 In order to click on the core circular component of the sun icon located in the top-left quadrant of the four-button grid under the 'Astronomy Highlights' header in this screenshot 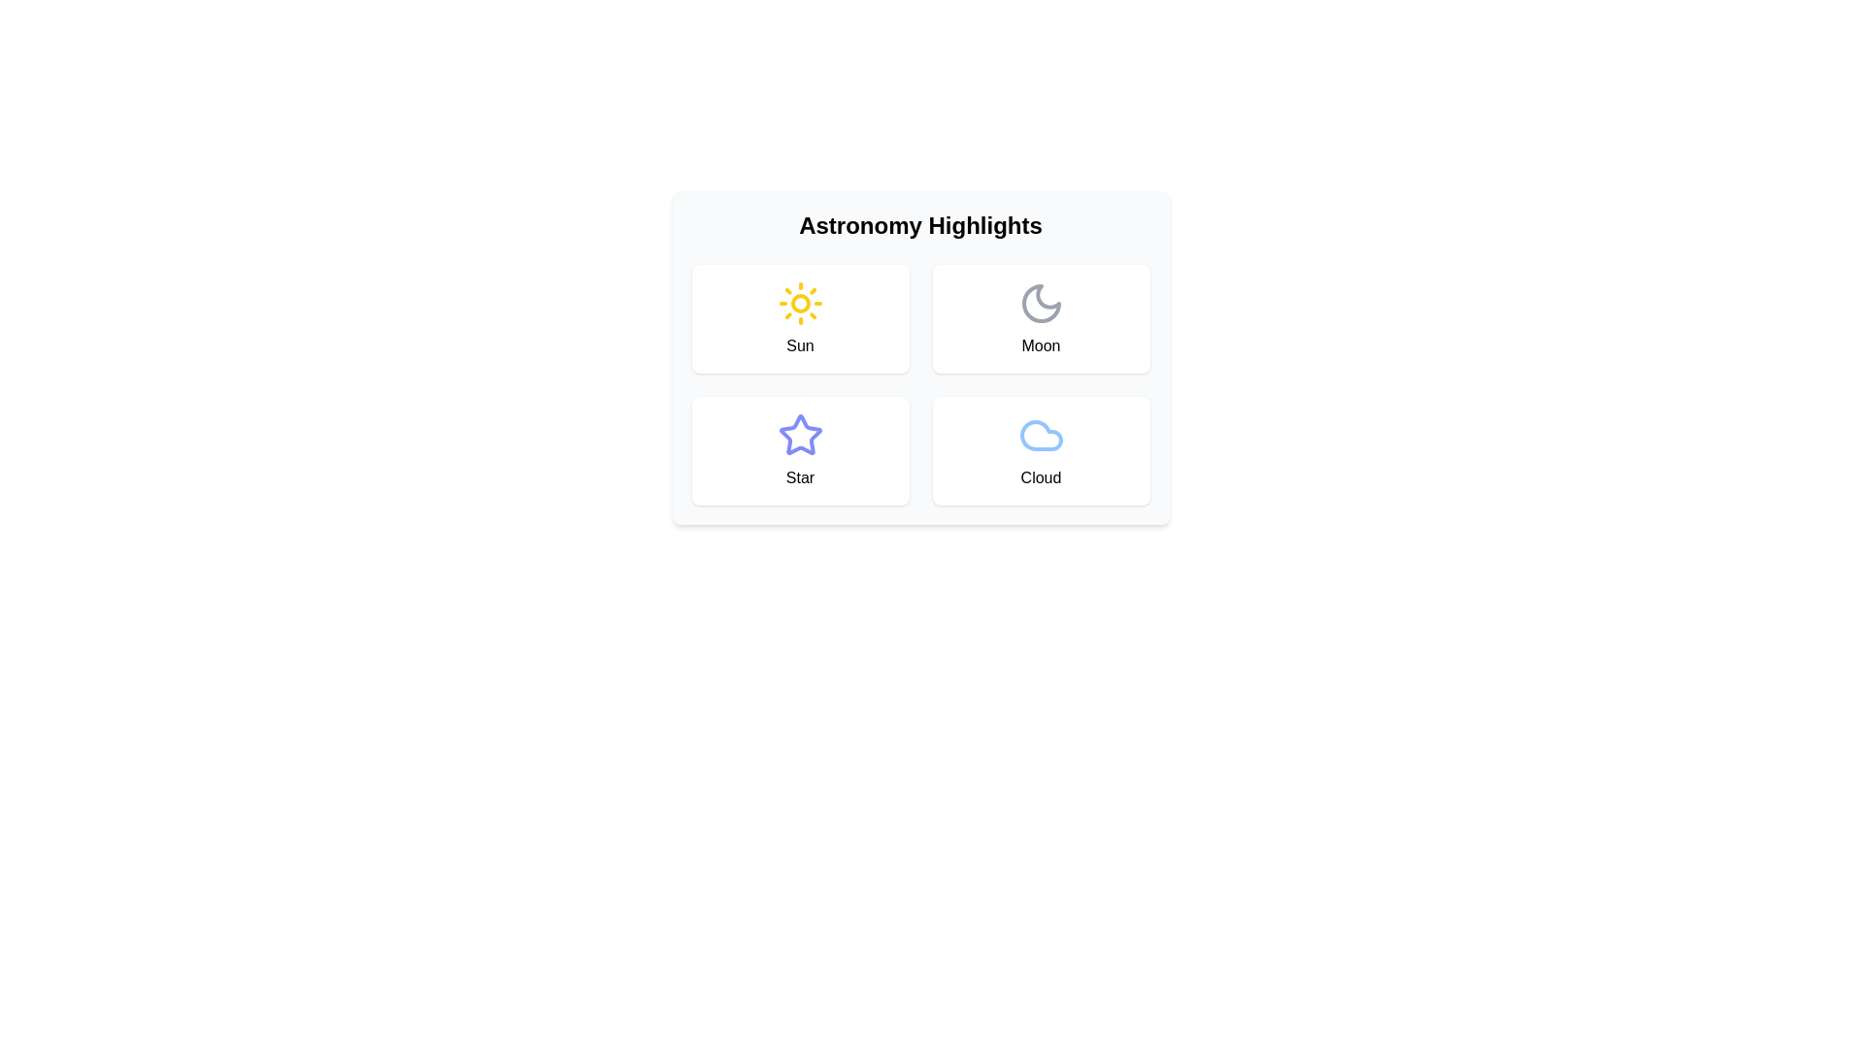, I will do `click(800, 303)`.